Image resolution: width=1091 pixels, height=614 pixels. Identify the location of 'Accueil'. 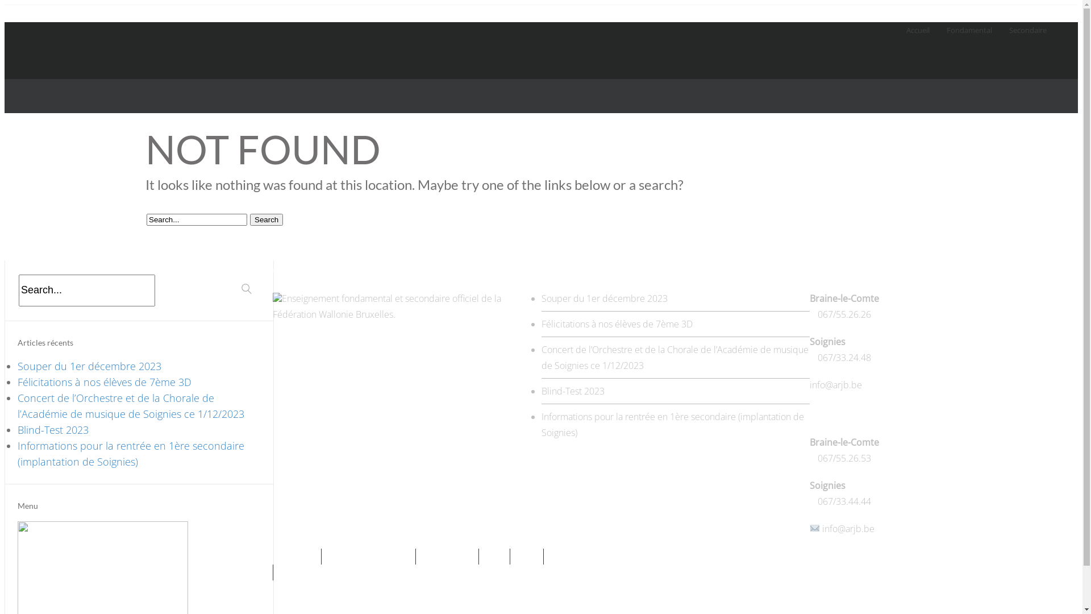
(905, 22).